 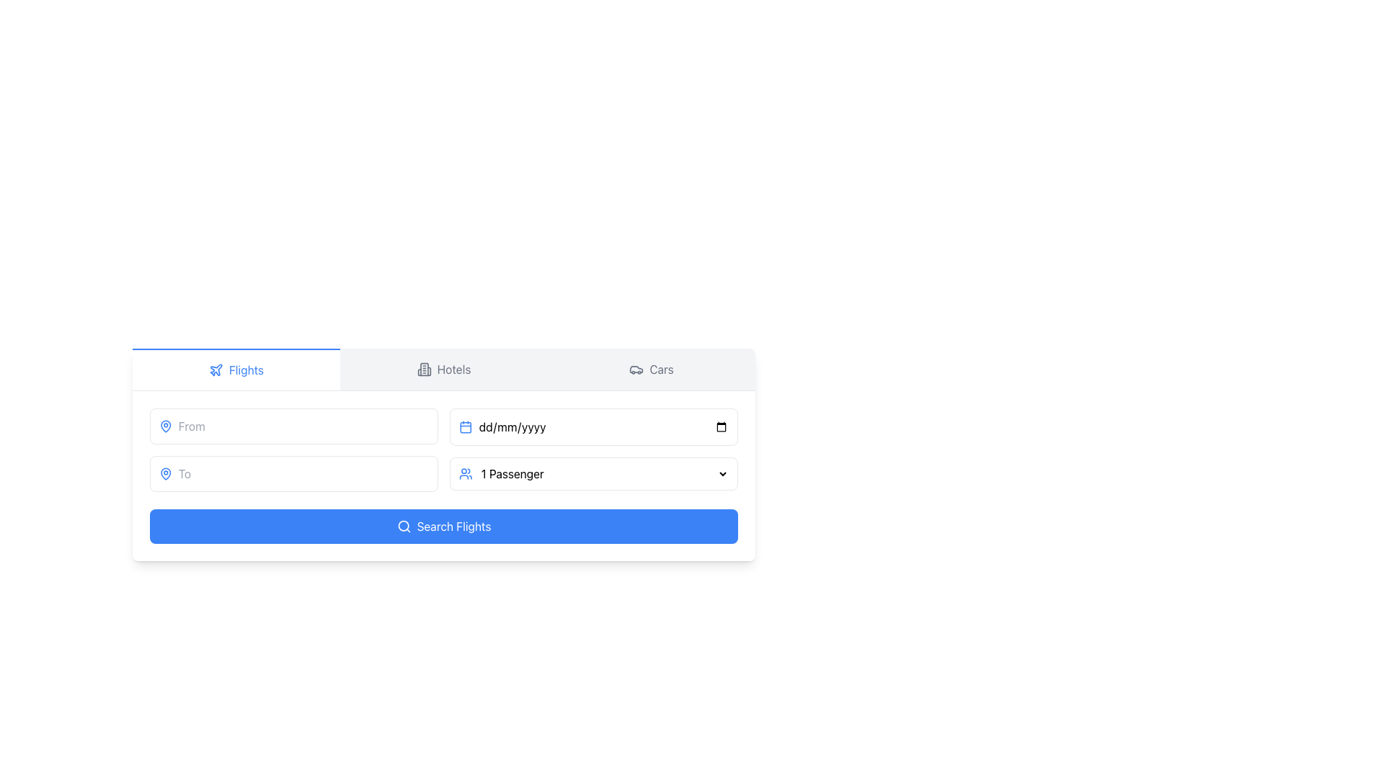 What do you see at coordinates (443, 369) in the screenshot?
I see `the 'Hotels' button, which is a selectable button labeled with a gray building icon and muted gray text, located in the second position of a horizontal navigation bar` at bounding box center [443, 369].